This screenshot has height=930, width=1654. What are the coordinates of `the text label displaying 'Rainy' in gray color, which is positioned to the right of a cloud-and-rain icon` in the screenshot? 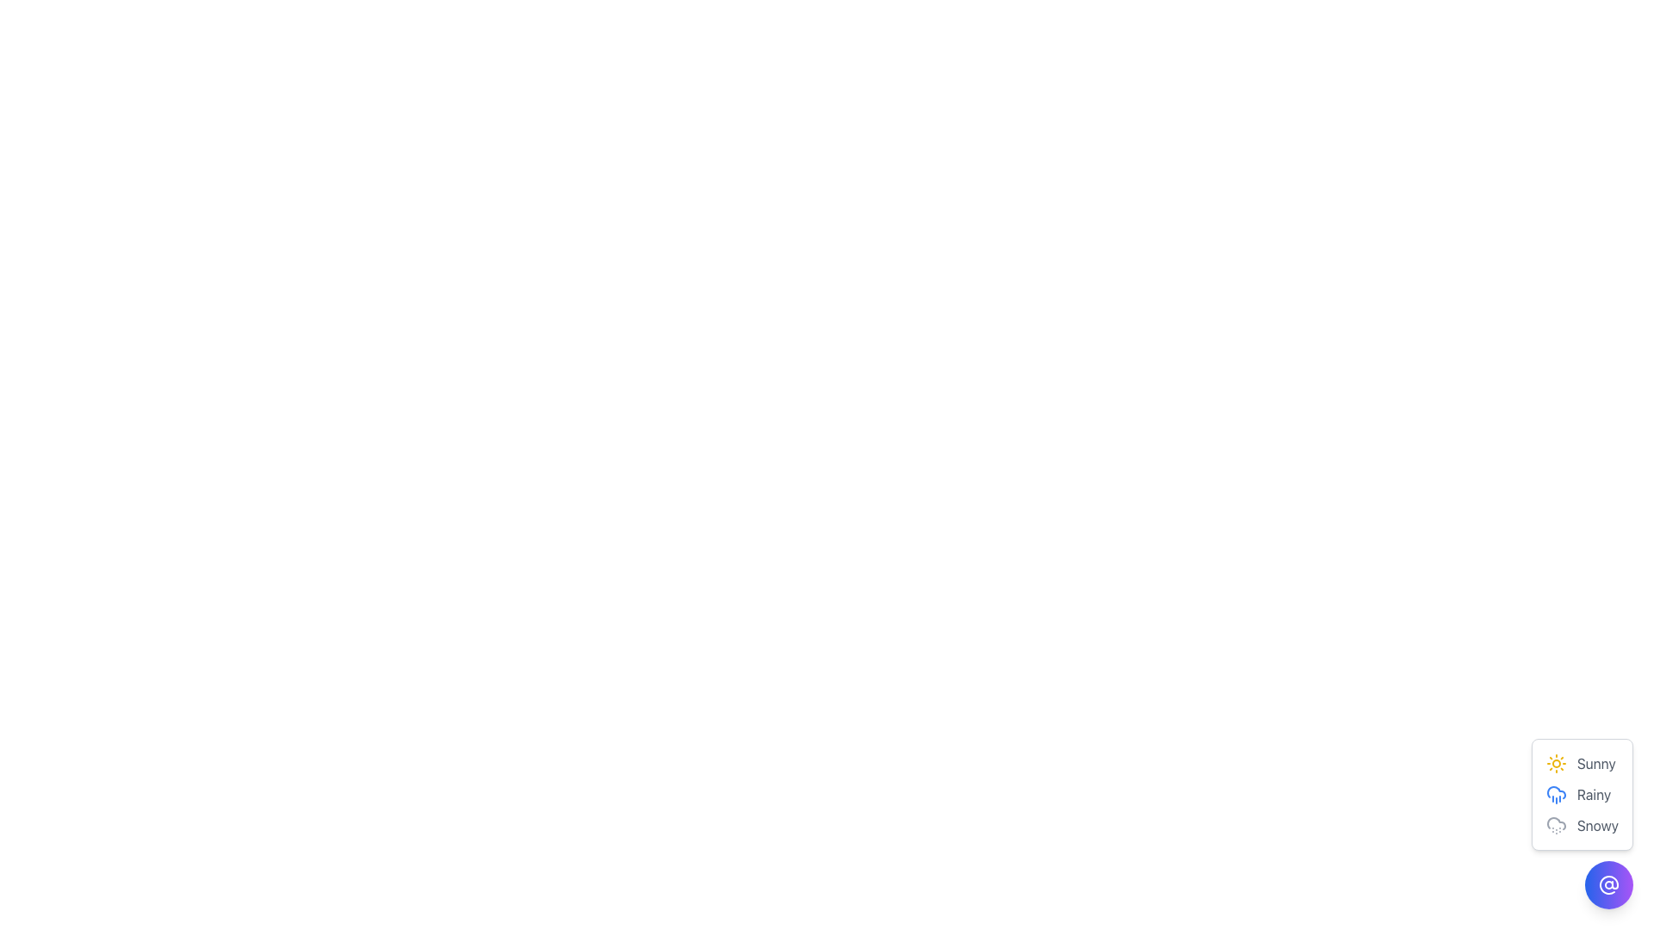 It's located at (1593, 794).